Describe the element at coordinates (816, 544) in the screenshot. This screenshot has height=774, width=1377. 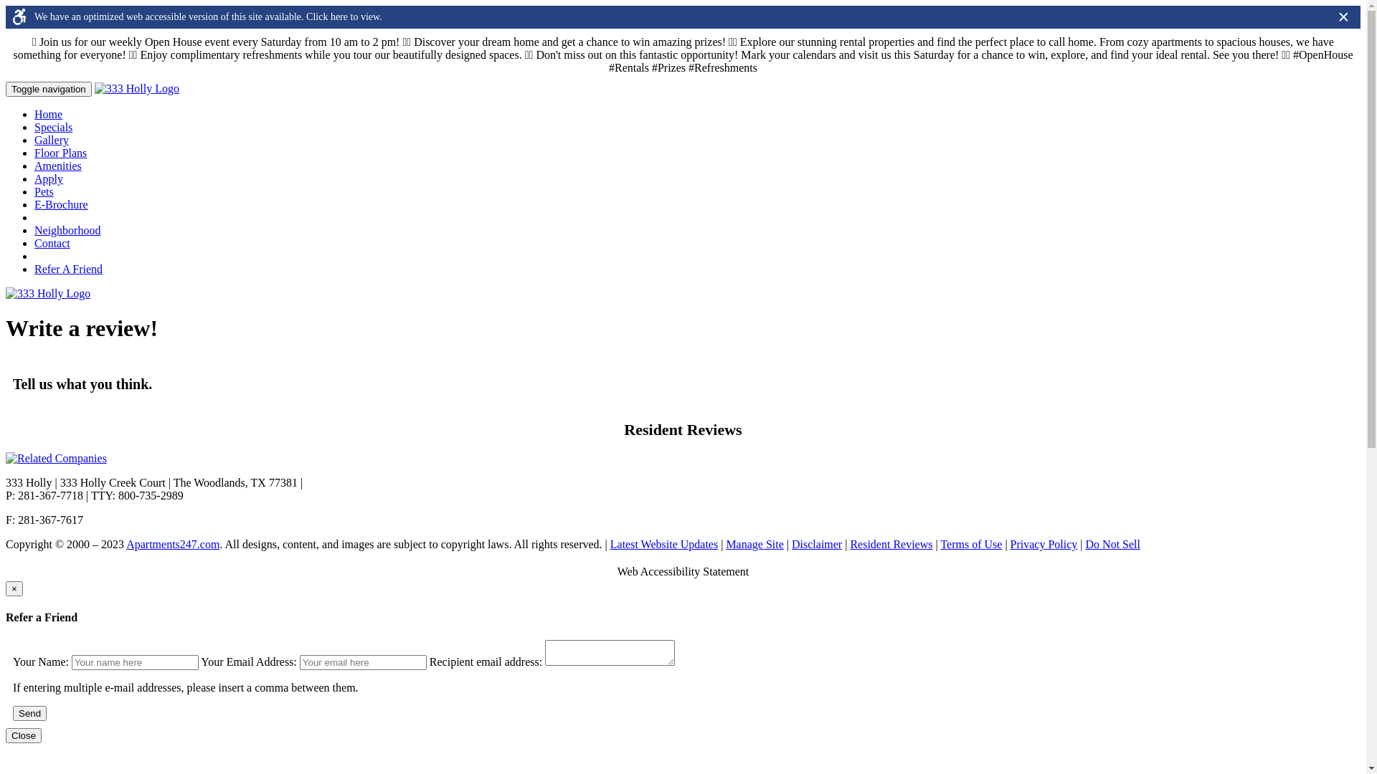
I see `'Disclaimer'` at that location.